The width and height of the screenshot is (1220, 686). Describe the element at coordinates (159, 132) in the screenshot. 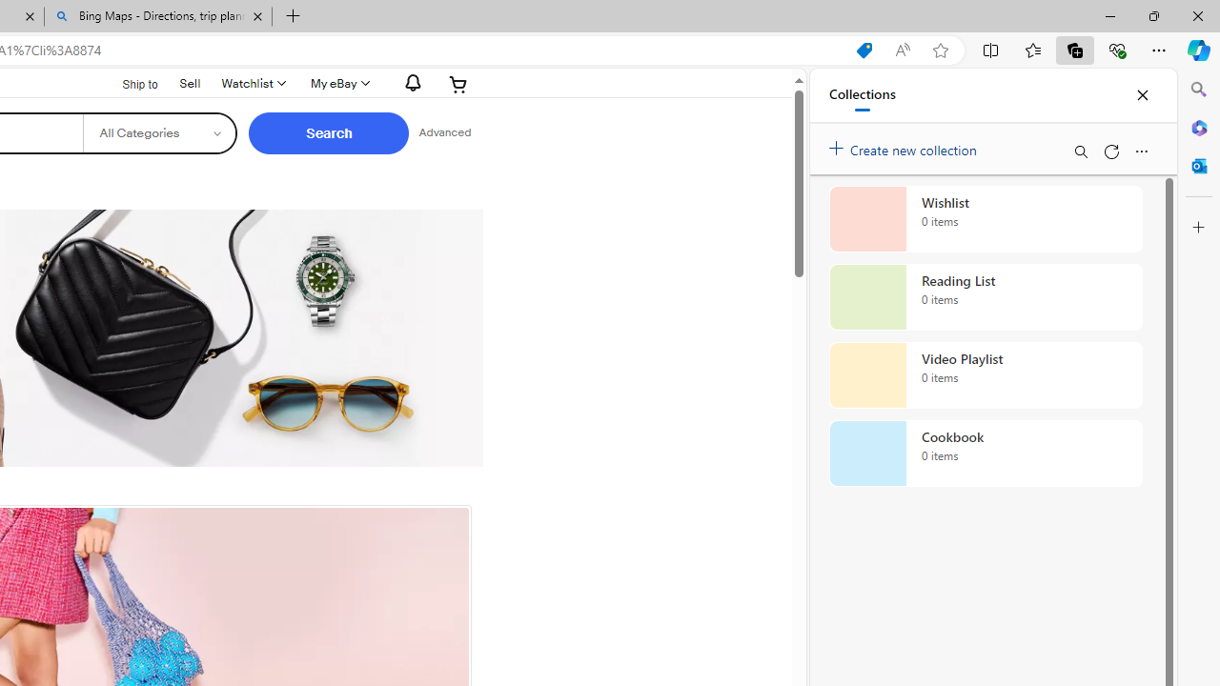

I see `'Select a category for search'` at that location.